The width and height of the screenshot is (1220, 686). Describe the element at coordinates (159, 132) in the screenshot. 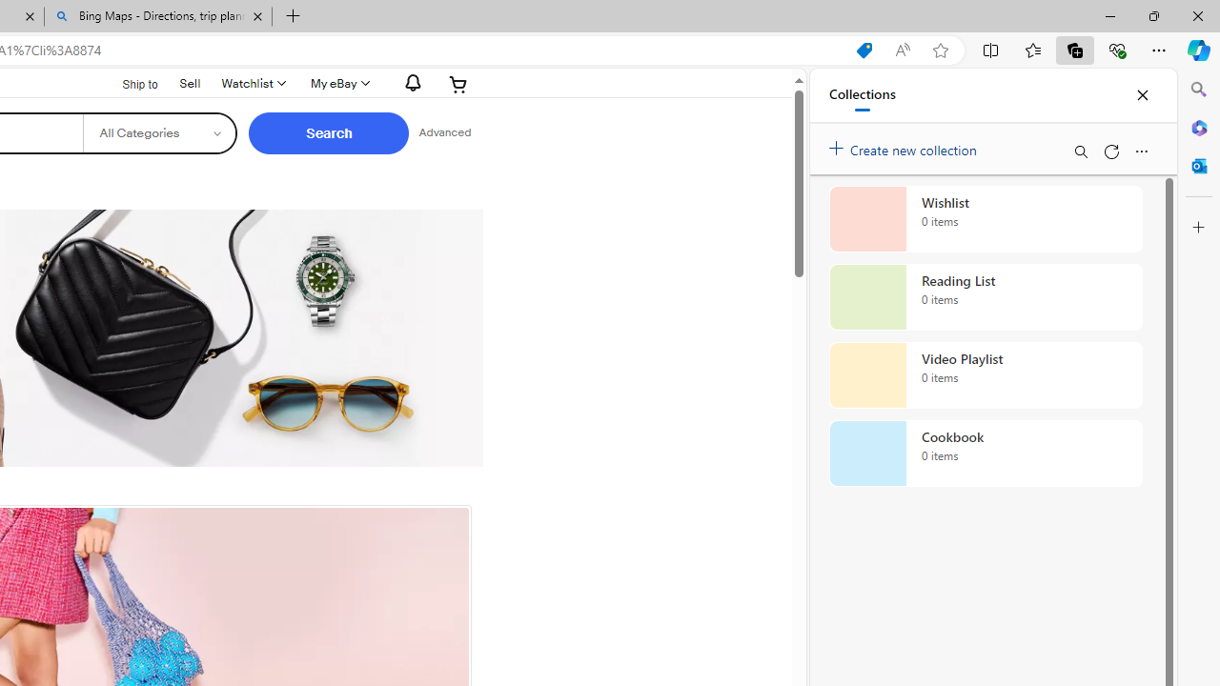

I see `'Select a category for search'` at that location.